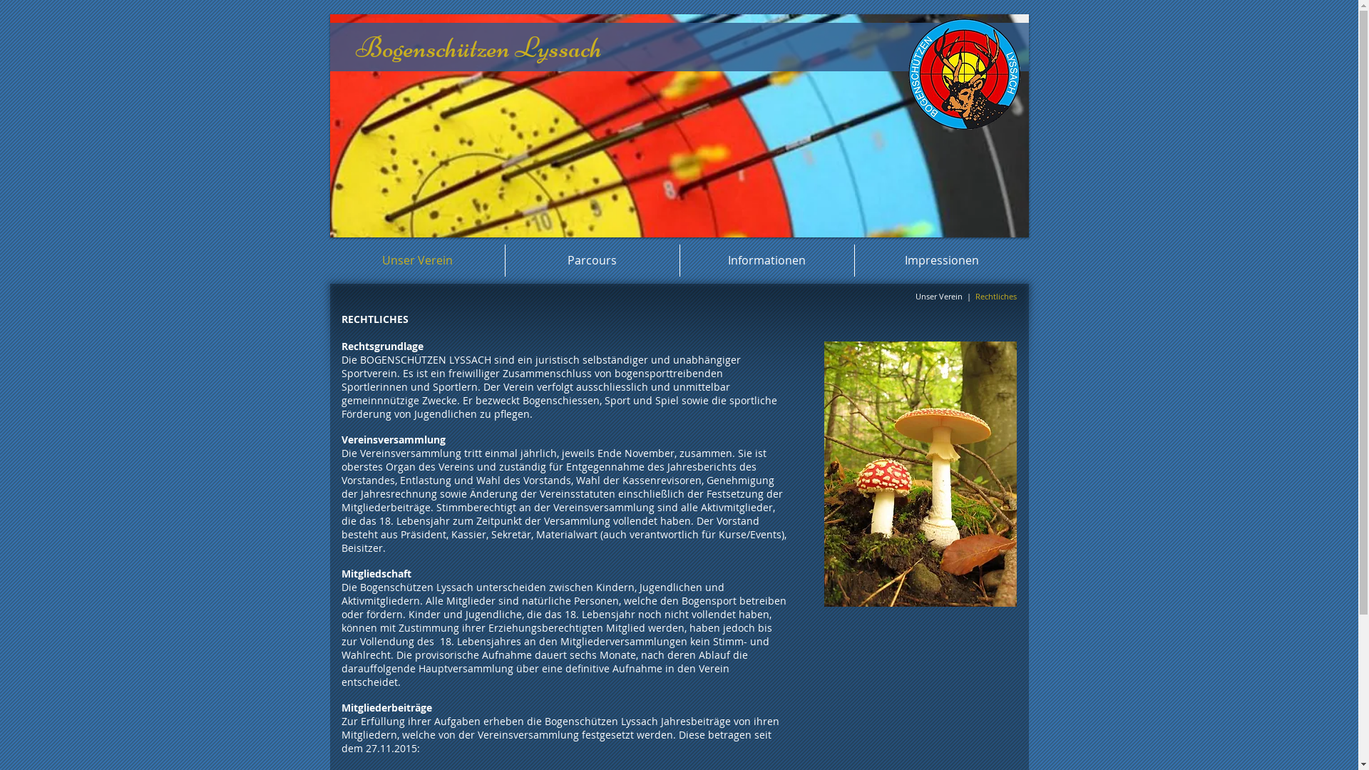 This screenshot has width=1369, height=770. What do you see at coordinates (963, 74) in the screenshot?
I see `'Logo-gross-01.png'` at bounding box center [963, 74].